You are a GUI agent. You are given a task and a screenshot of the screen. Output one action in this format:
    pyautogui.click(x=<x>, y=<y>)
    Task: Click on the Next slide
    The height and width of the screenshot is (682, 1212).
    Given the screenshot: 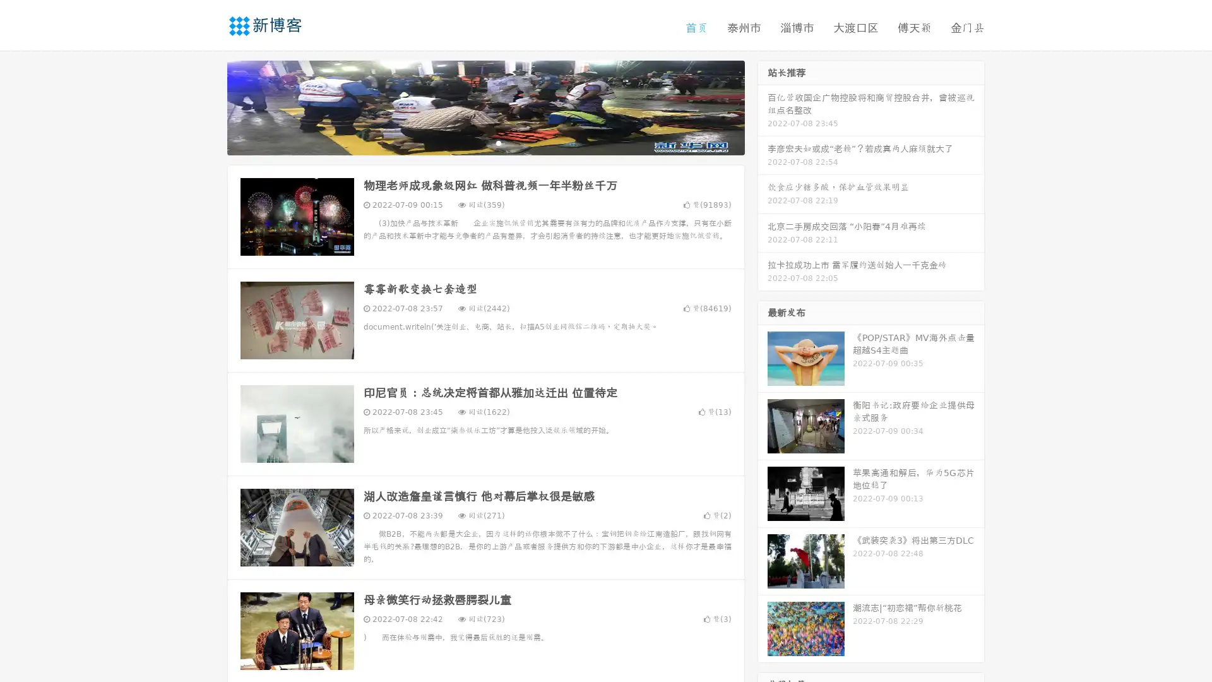 What is the action you would take?
    pyautogui.click(x=763, y=106)
    